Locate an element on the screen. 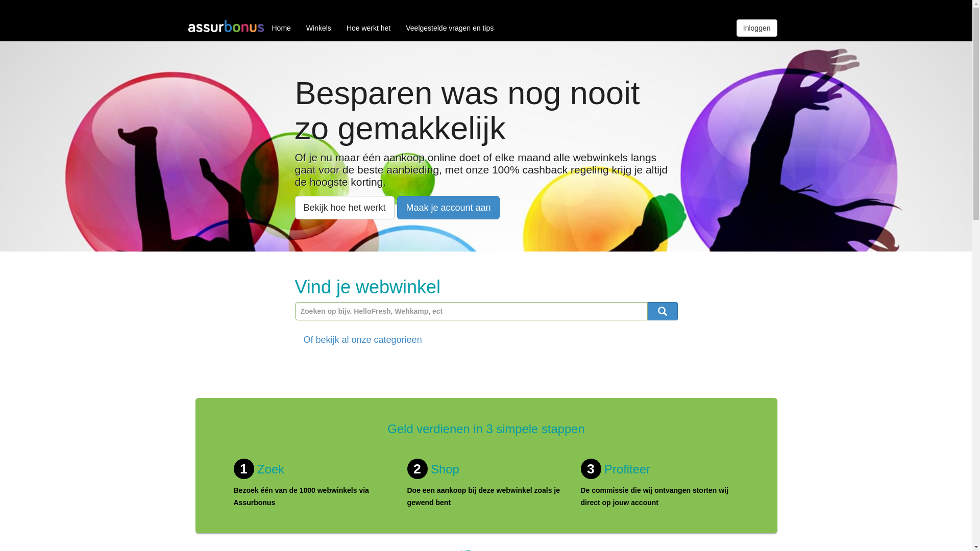 This screenshot has width=980, height=551. 'Maak je account aan' is located at coordinates (448, 207).